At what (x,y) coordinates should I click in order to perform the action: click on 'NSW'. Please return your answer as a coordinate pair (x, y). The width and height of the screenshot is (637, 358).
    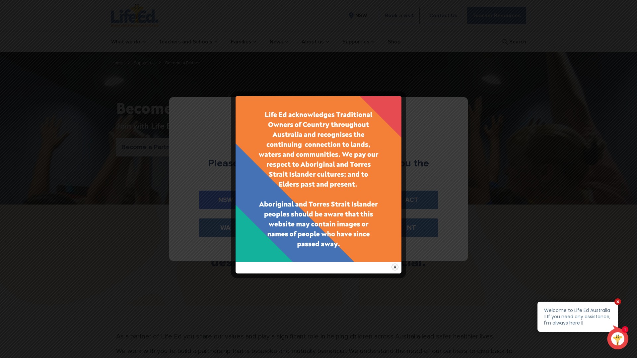
    Looking at the image, I should click on (225, 199).